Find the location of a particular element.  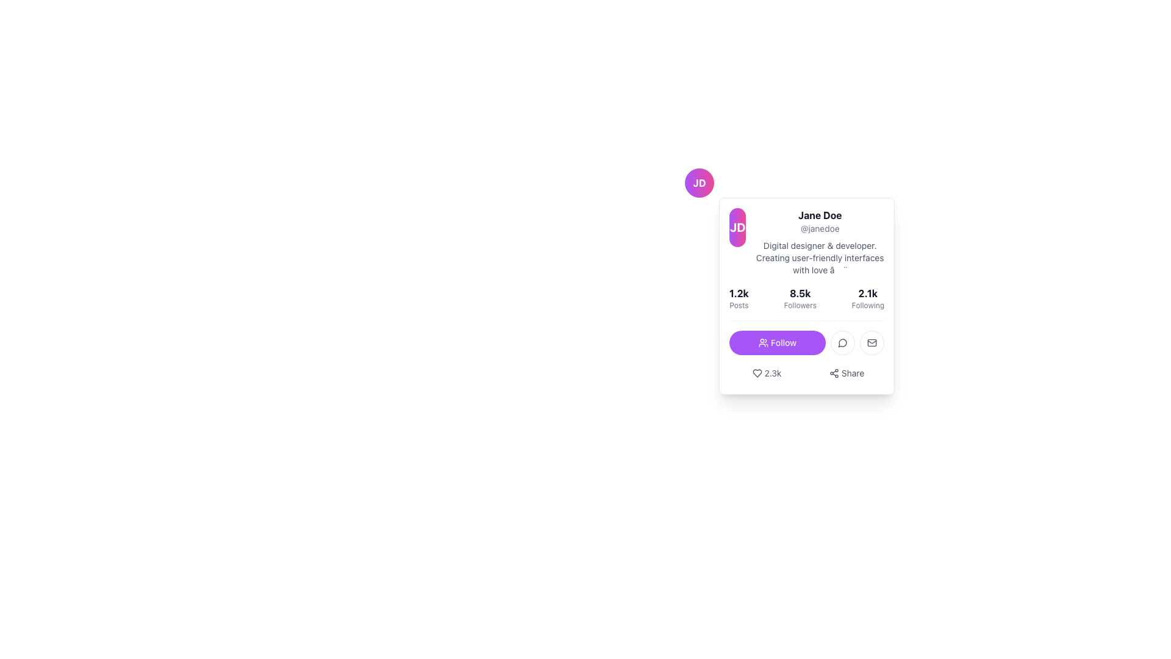

numeric count displayed on the Text Label indicating the number of accounts being followed, located above the 'Following' label within the profile card layout is located at coordinates (867, 293).